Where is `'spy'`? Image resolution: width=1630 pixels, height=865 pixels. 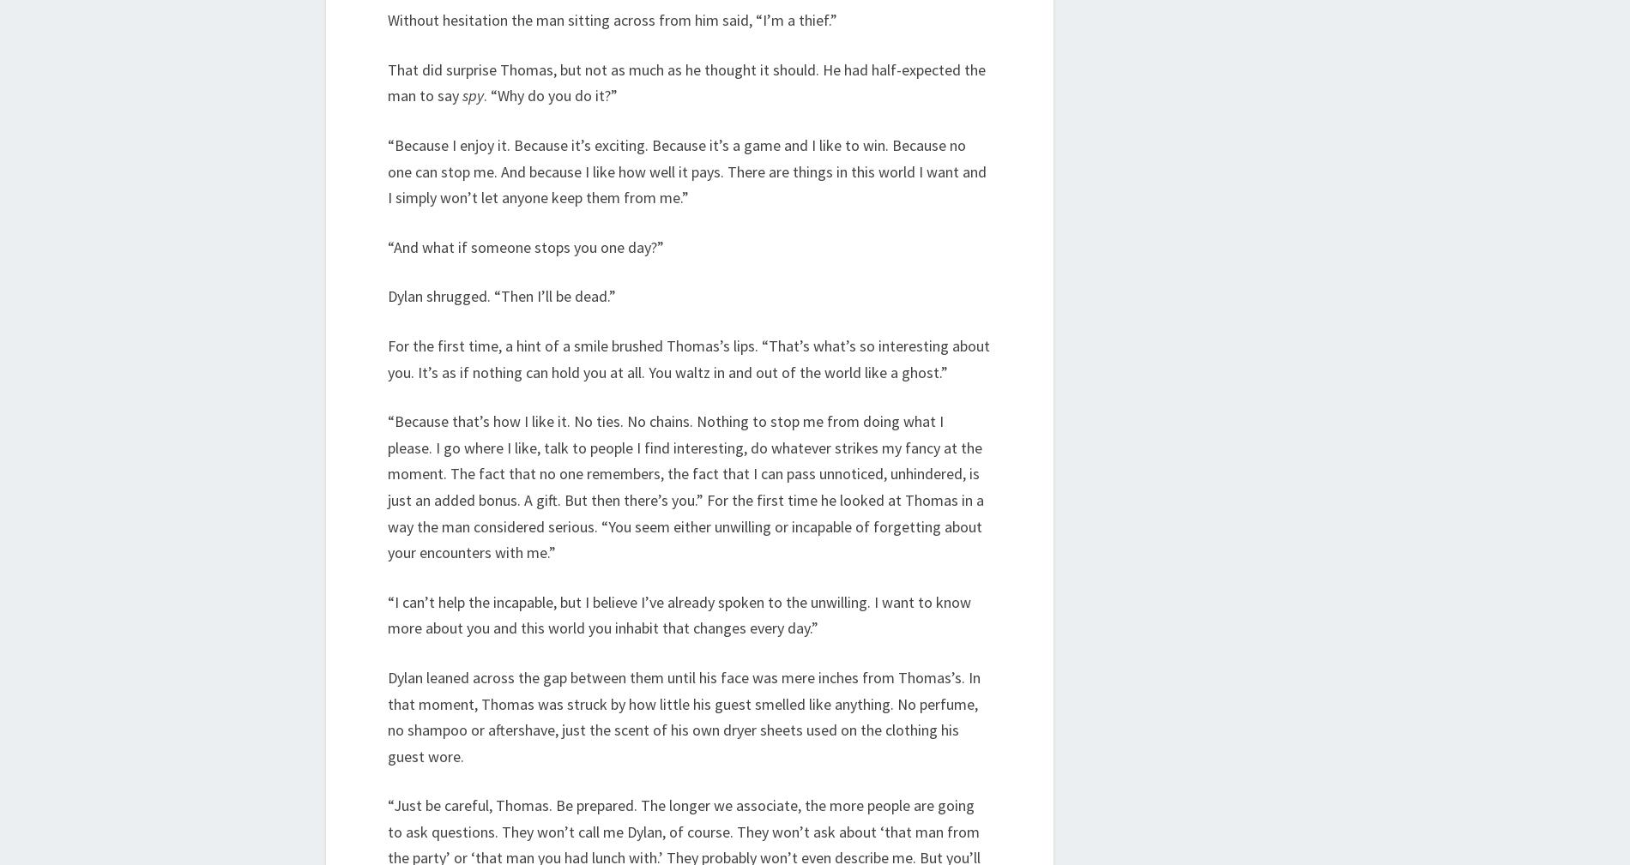
'spy' is located at coordinates (473, 94).